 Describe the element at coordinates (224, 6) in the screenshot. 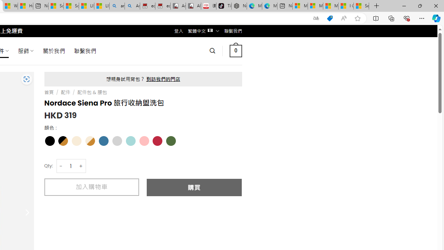

I see `'TikTok'` at that location.